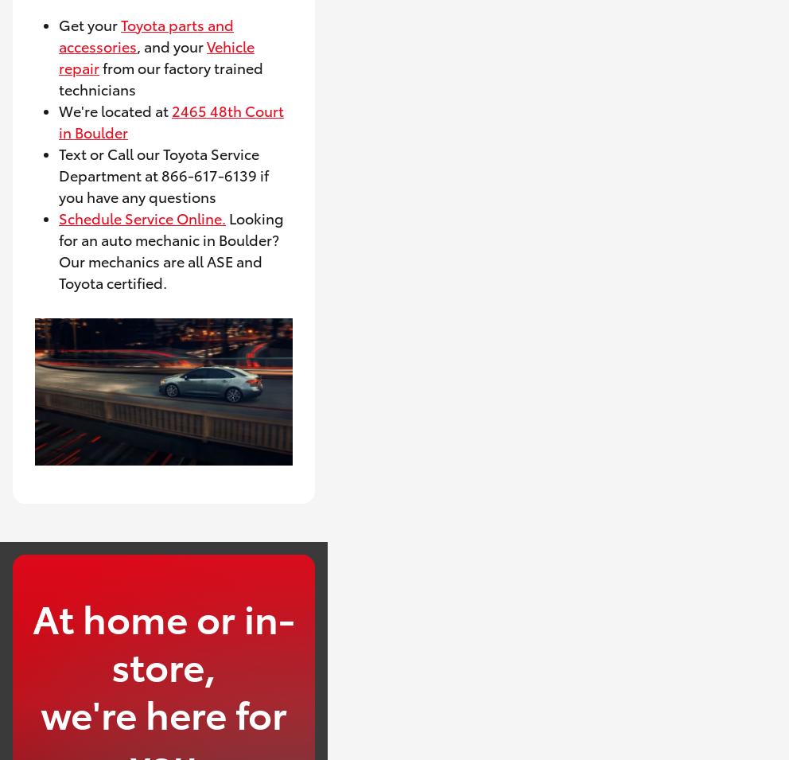  What do you see at coordinates (171, 44) in the screenshot?
I see `', and your'` at bounding box center [171, 44].